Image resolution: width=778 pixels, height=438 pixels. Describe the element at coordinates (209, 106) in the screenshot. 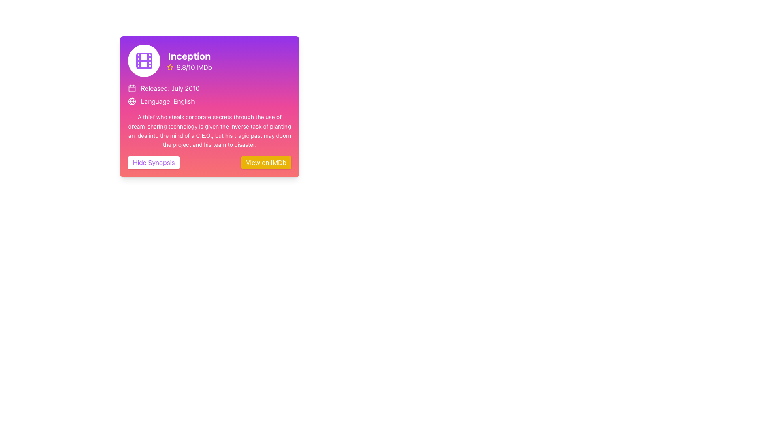

I see `movie details from the Information card located at the center of the modal, below the movie title and rating` at that location.